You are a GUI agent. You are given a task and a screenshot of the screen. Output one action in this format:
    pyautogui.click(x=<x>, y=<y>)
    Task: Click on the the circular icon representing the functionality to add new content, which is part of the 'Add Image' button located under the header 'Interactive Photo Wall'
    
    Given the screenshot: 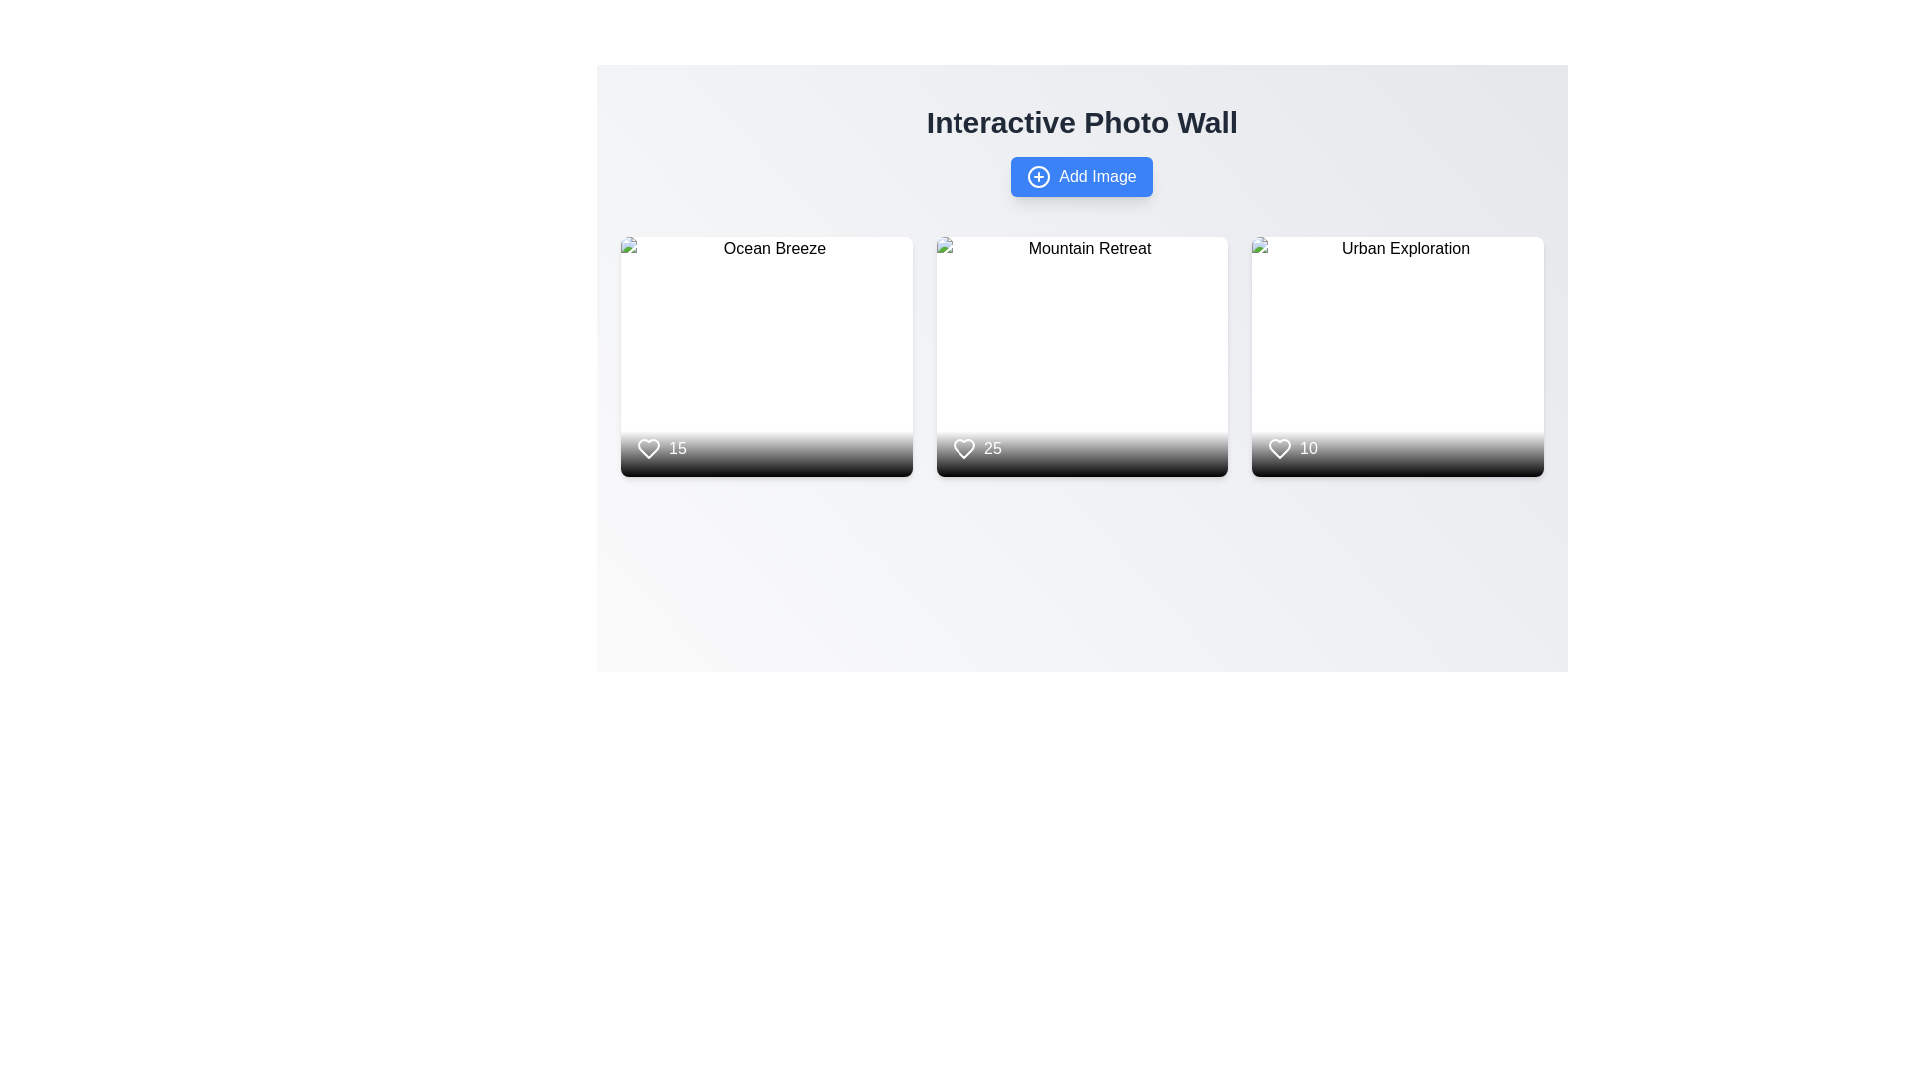 What is the action you would take?
    pyautogui.click(x=1039, y=176)
    